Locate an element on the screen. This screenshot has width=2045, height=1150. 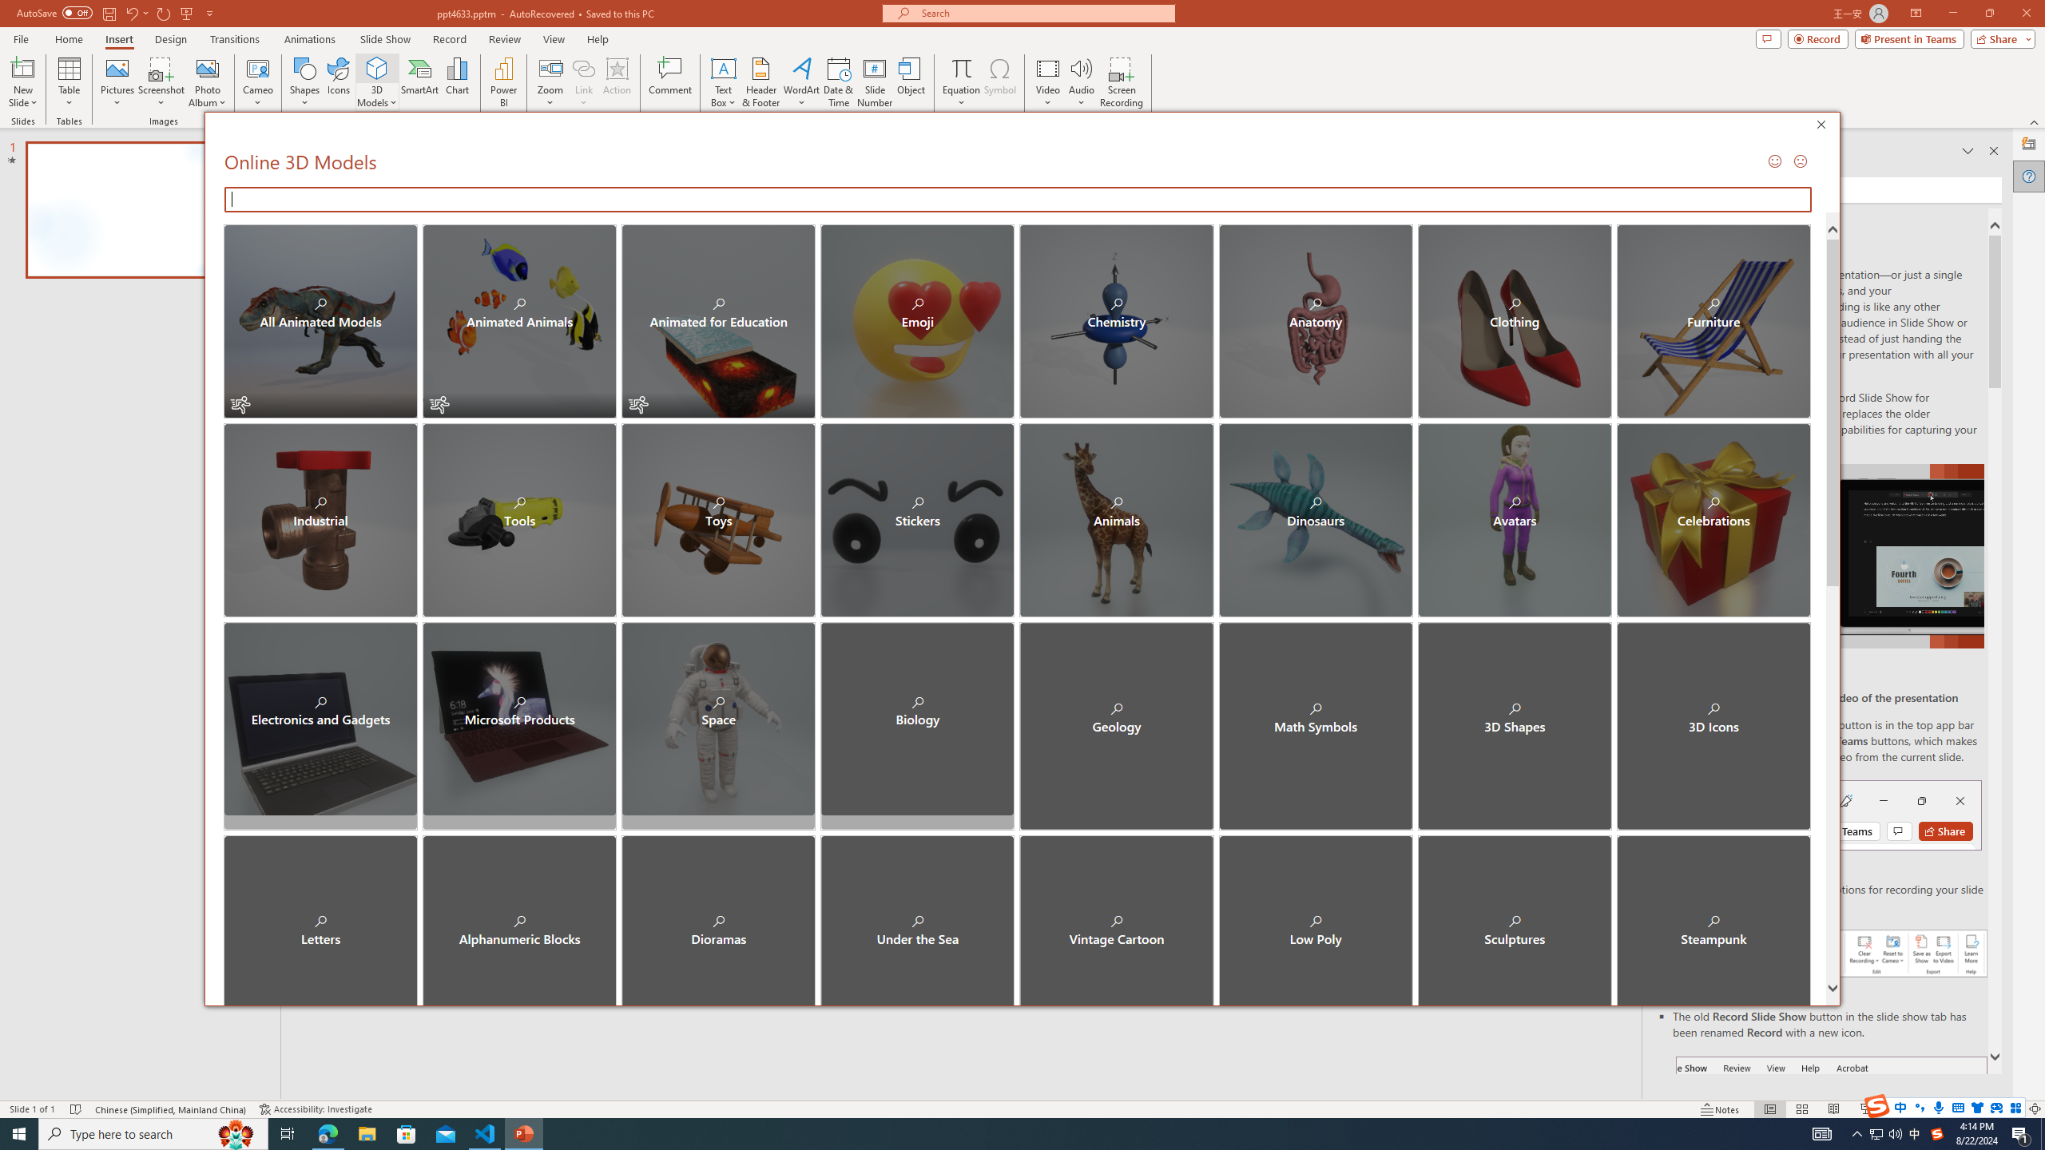
'Table' is located at coordinates (69, 82).